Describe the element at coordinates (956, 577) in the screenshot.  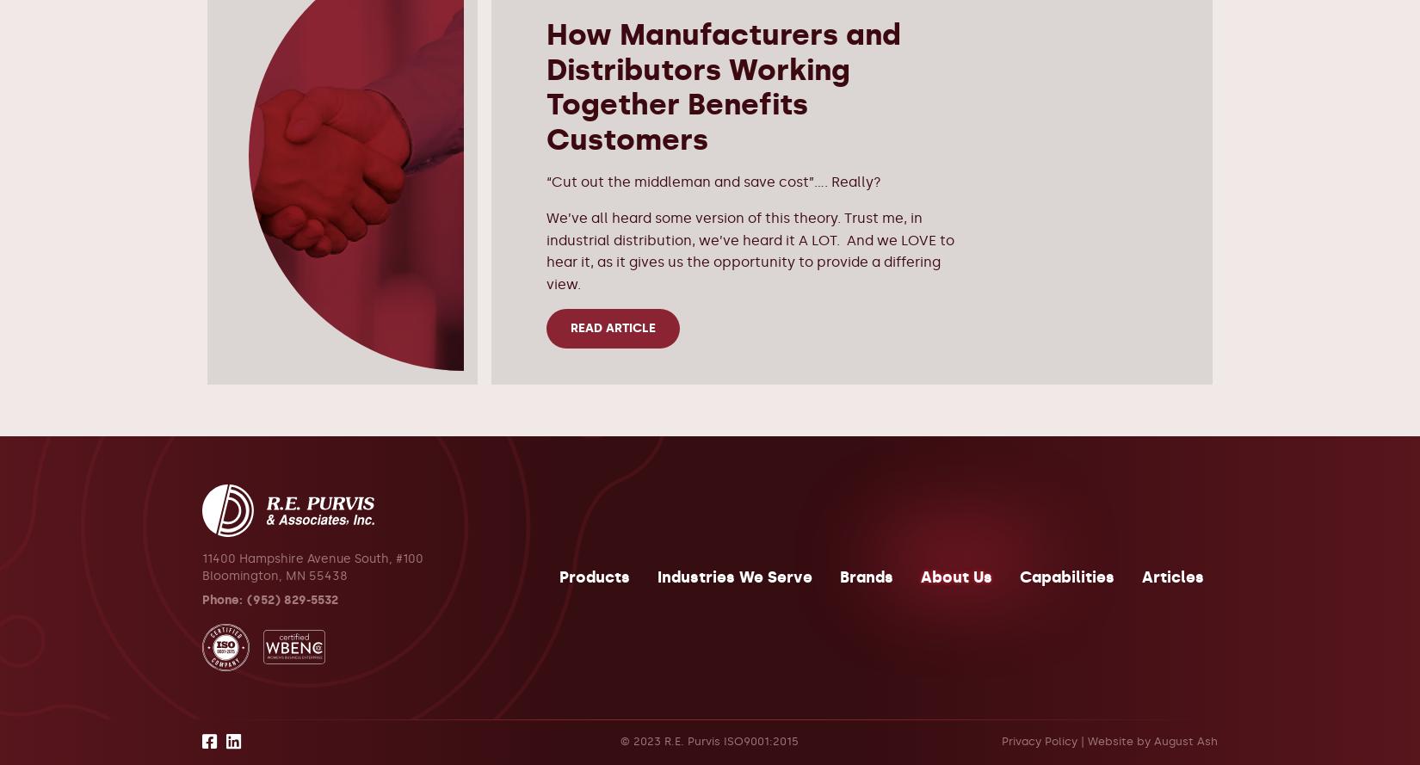
I see `'About Us'` at that location.